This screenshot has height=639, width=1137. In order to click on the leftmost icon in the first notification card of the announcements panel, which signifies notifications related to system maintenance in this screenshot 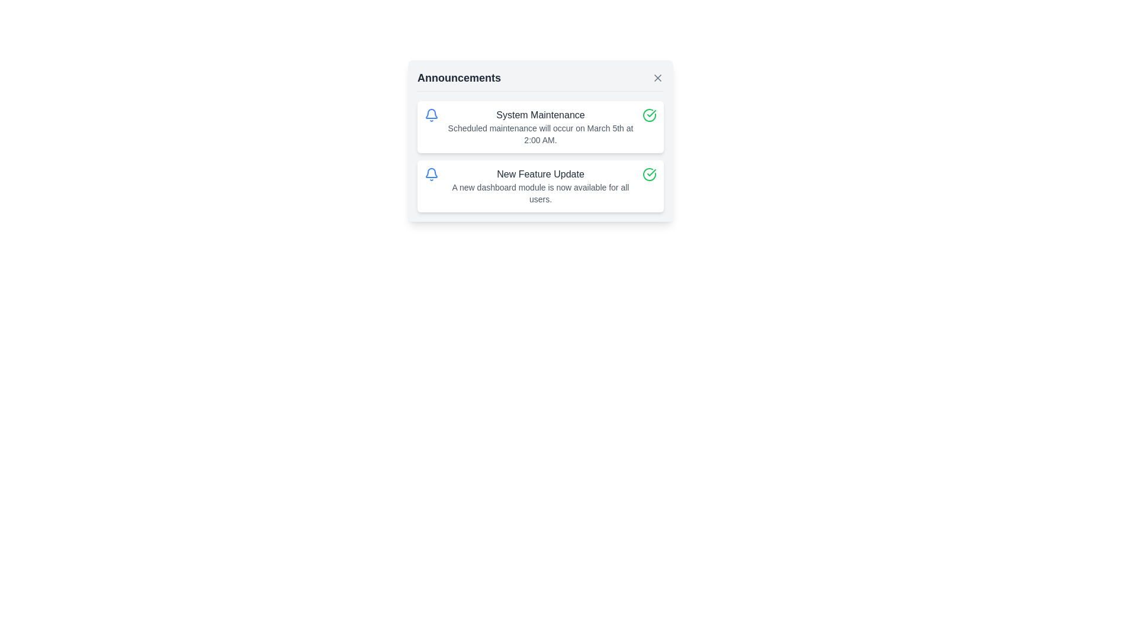, I will do `click(431, 115)`.